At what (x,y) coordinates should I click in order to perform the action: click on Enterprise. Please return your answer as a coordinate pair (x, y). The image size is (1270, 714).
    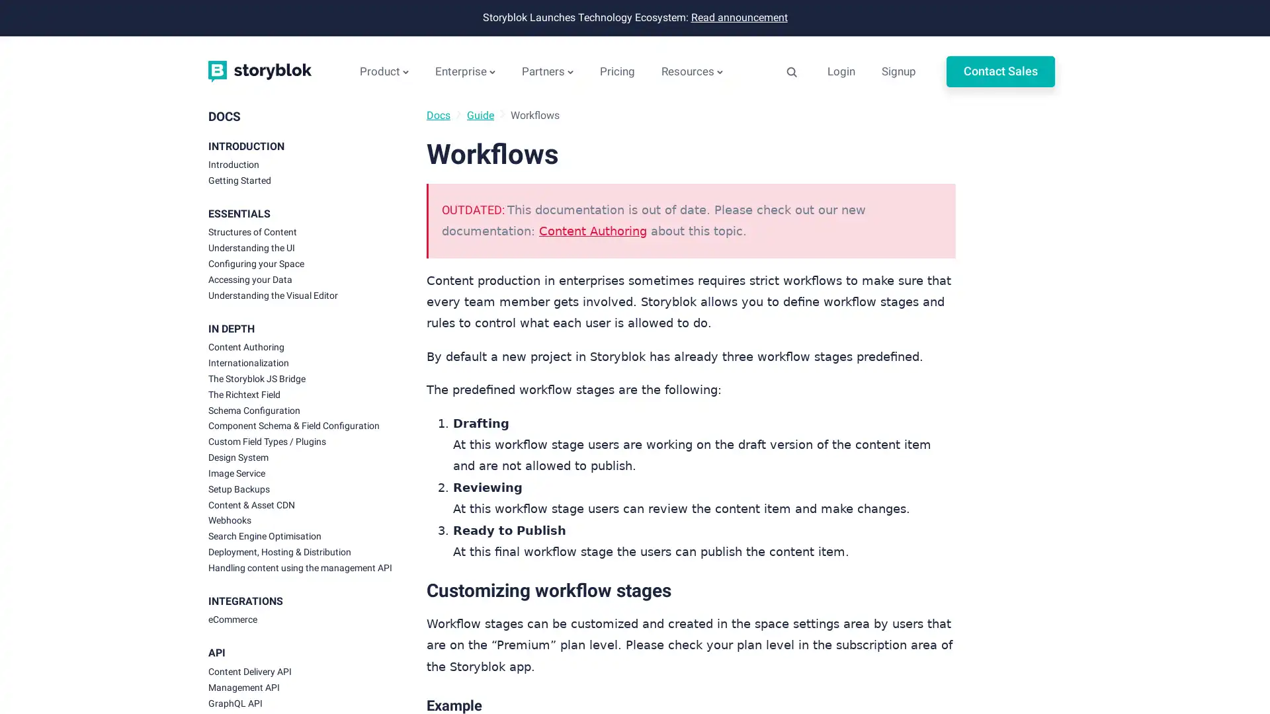
    Looking at the image, I should click on (465, 71).